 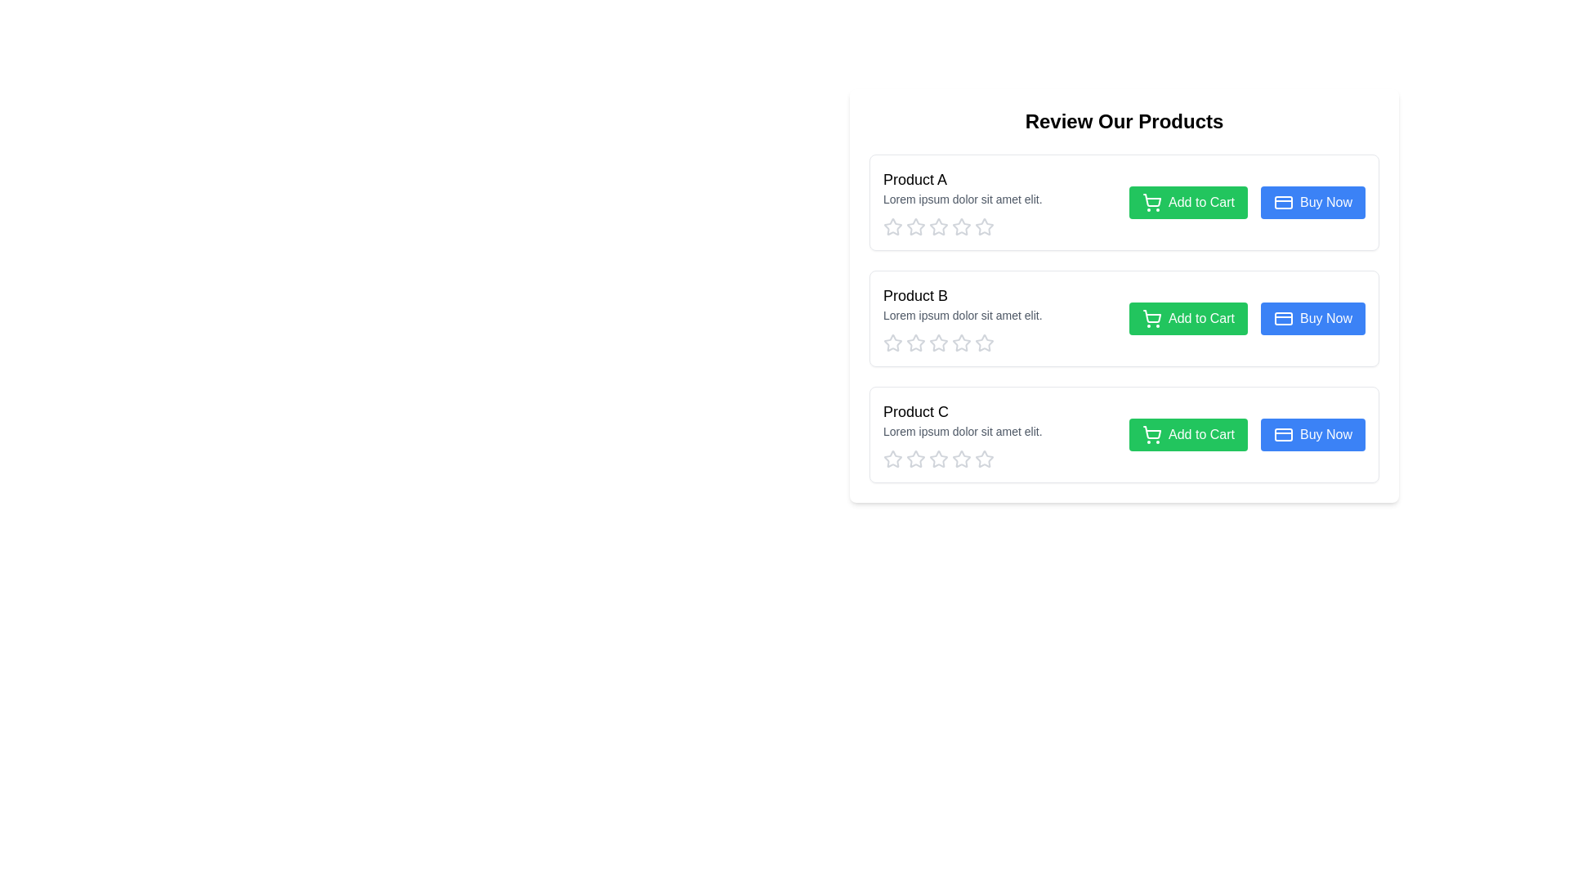 What do you see at coordinates (1313, 434) in the screenshot?
I see `the rightmost button in the third row of product options to proceed to the purchase flow` at bounding box center [1313, 434].